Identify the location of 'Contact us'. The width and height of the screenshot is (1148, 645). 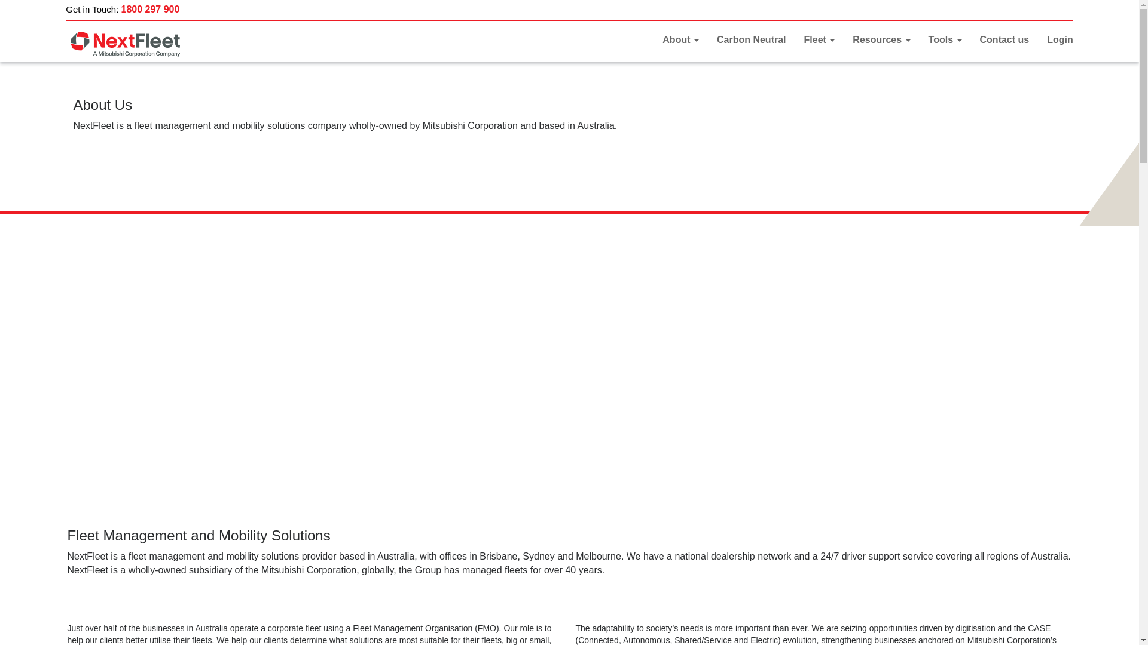
(1004, 38).